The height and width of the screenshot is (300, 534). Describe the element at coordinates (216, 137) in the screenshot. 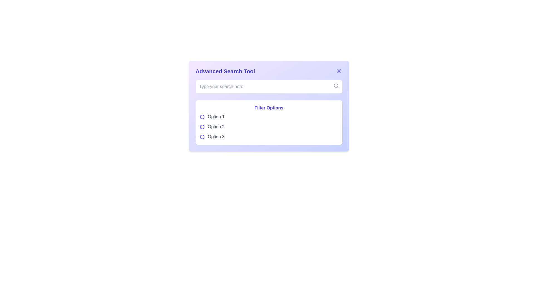

I see `the static text label 'Option 3' which is styled in gray and serves as part of the interactive options in the 'Advanced Search Tool' modal` at that location.